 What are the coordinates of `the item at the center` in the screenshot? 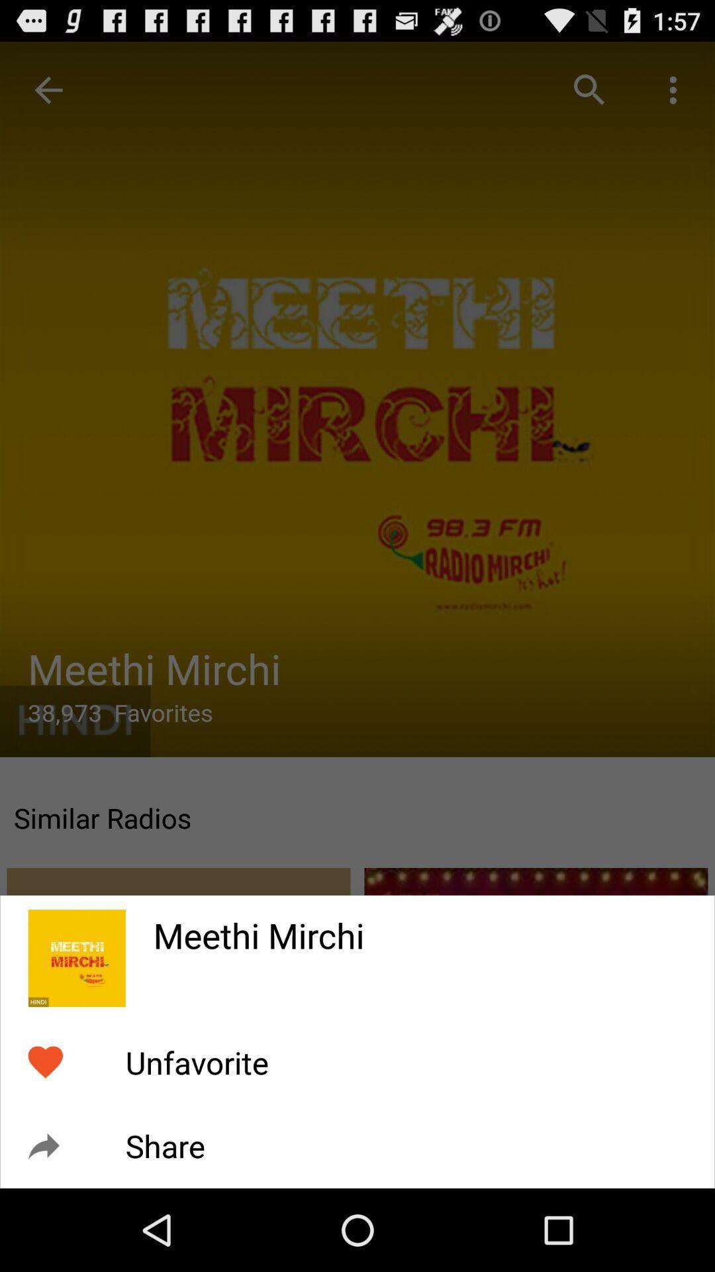 It's located at (358, 594).